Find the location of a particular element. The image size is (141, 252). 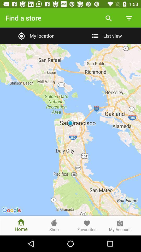

the item to the right of find a store icon is located at coordinates (108, 18).